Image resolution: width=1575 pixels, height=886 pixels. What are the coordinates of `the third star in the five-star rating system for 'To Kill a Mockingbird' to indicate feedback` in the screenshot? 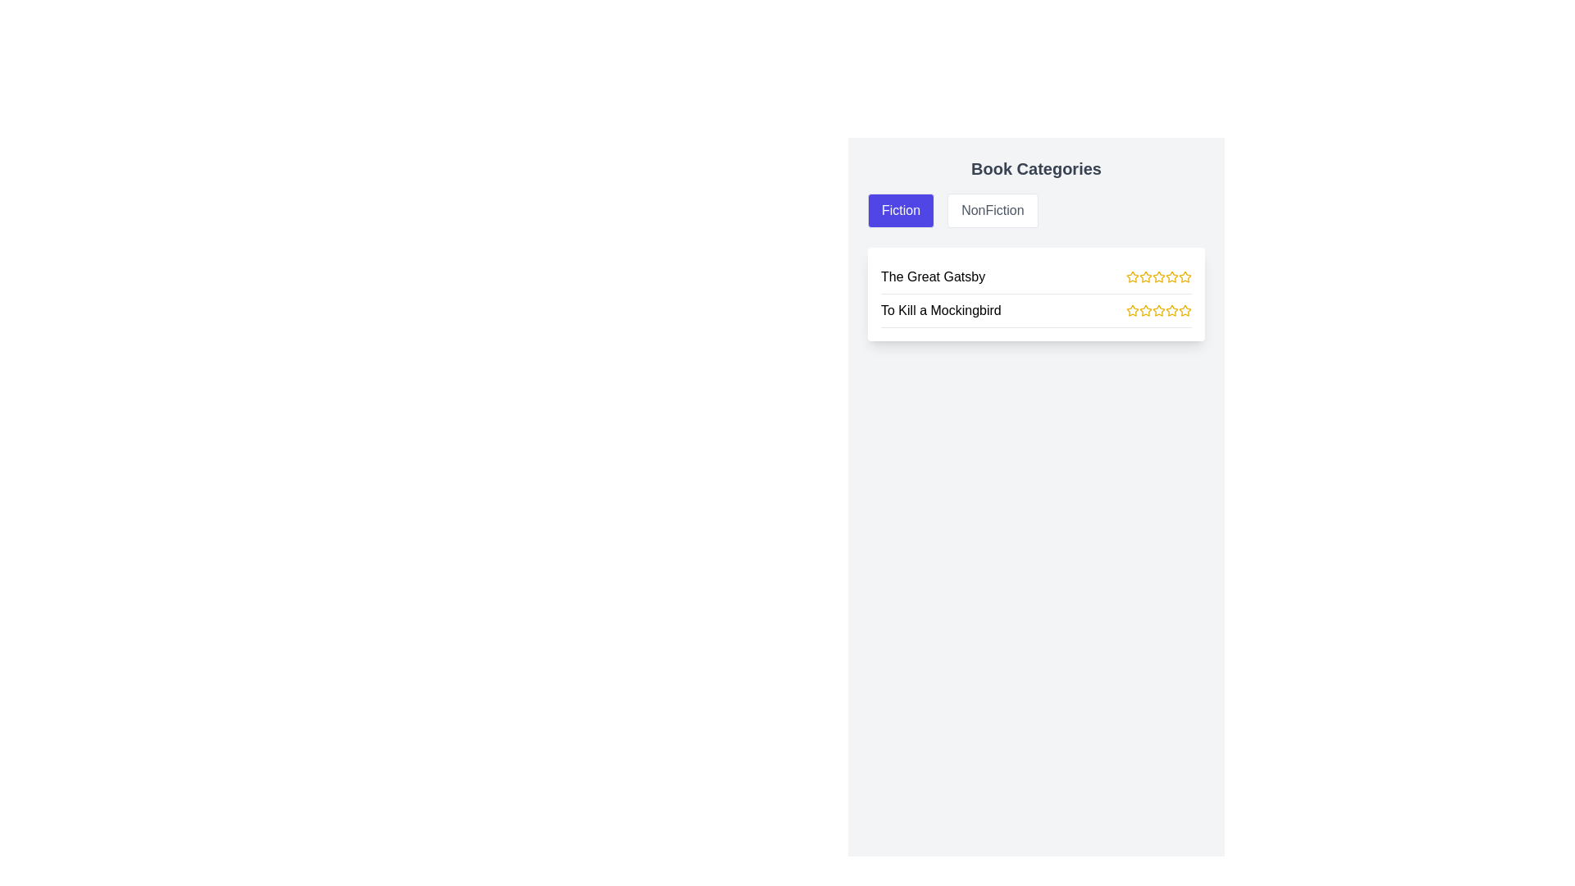 It's located at (1157, 310).